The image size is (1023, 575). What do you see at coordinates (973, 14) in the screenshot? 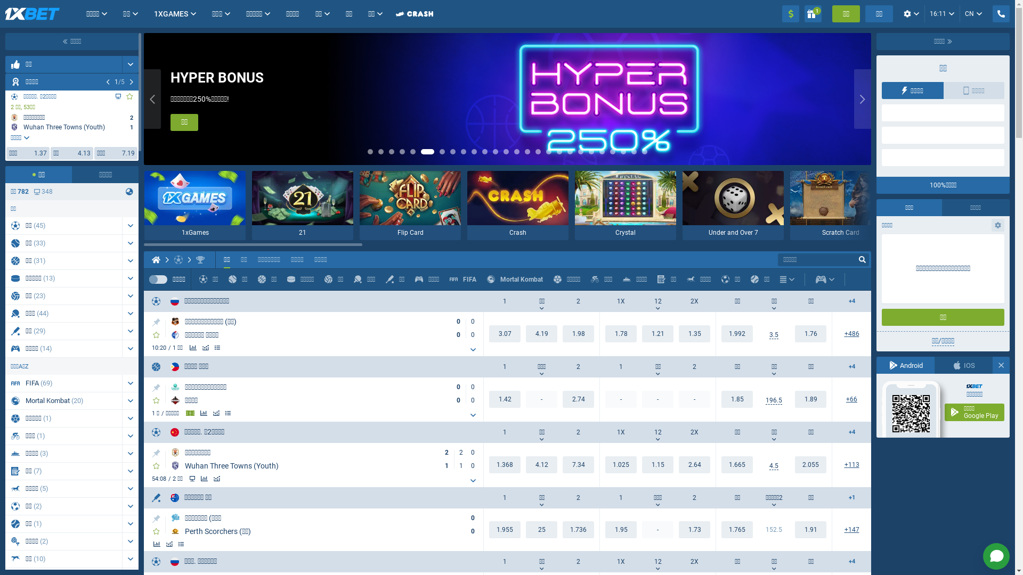
I see `'CN'` at bounding box center [973, 14].